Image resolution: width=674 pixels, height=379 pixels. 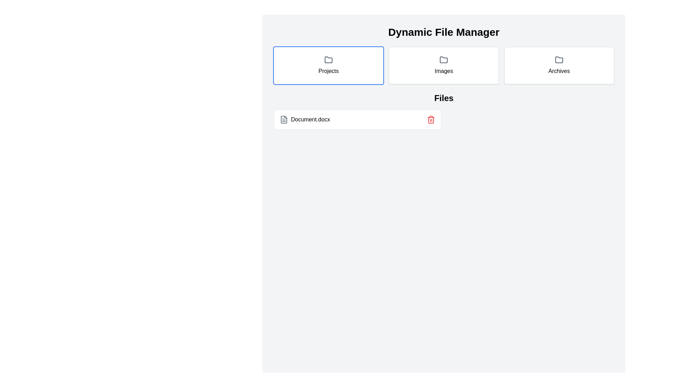 What do you see at coordinates (284, 119) in the screenshot?
I see `the file icon representing 'Document.docx' to see options` at bounding box center [284, 119].